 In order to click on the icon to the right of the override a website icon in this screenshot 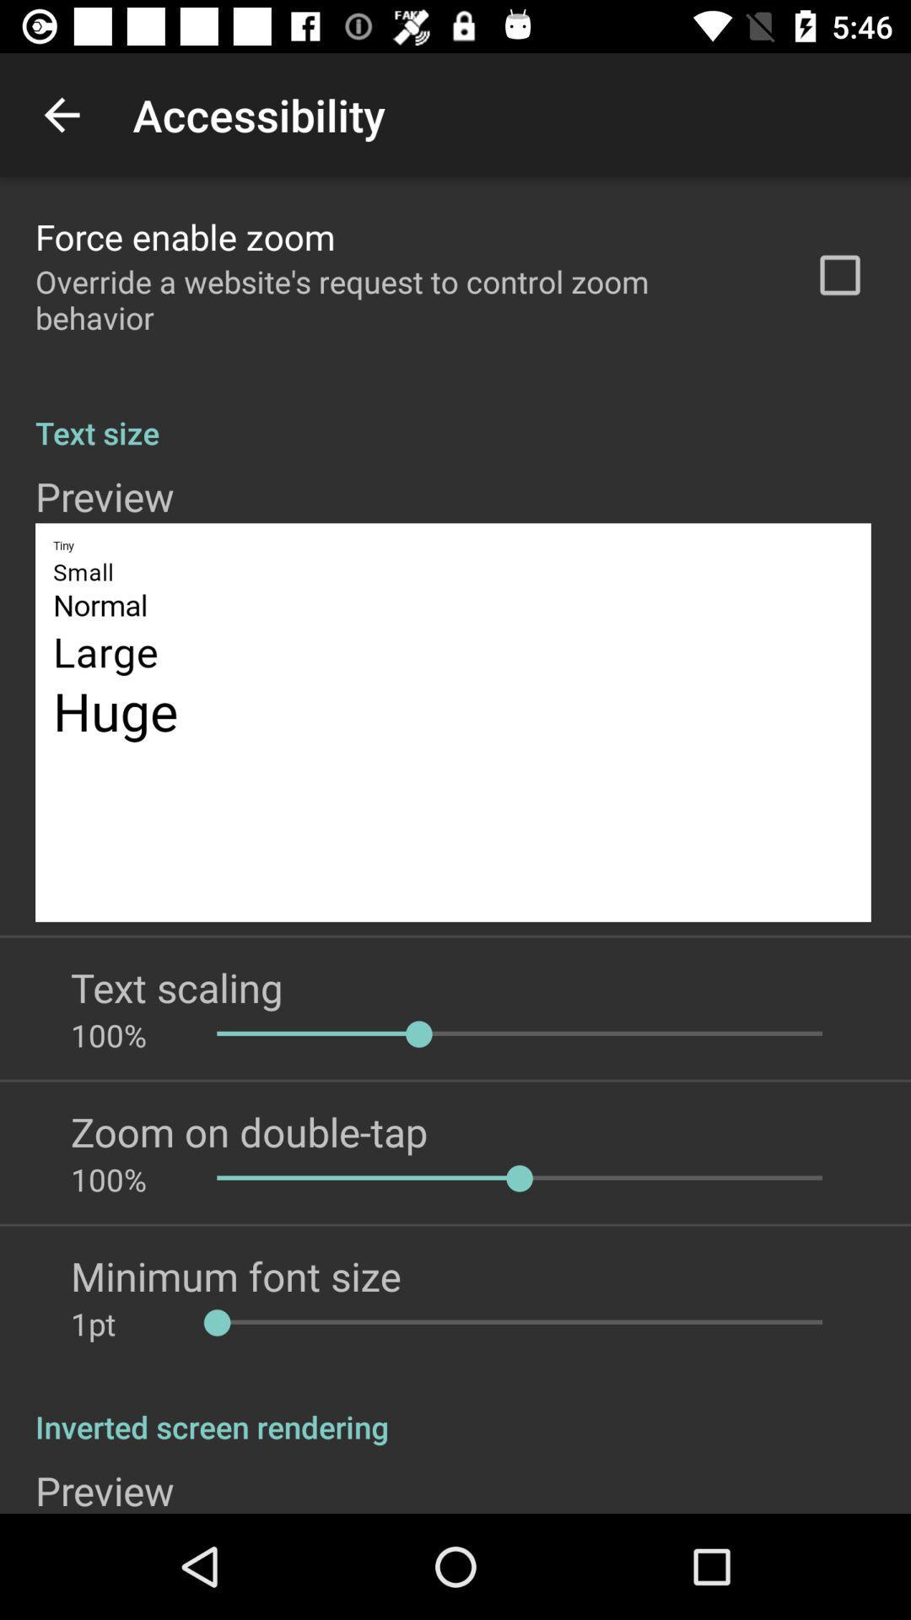, I will do `click(839, 275)`.